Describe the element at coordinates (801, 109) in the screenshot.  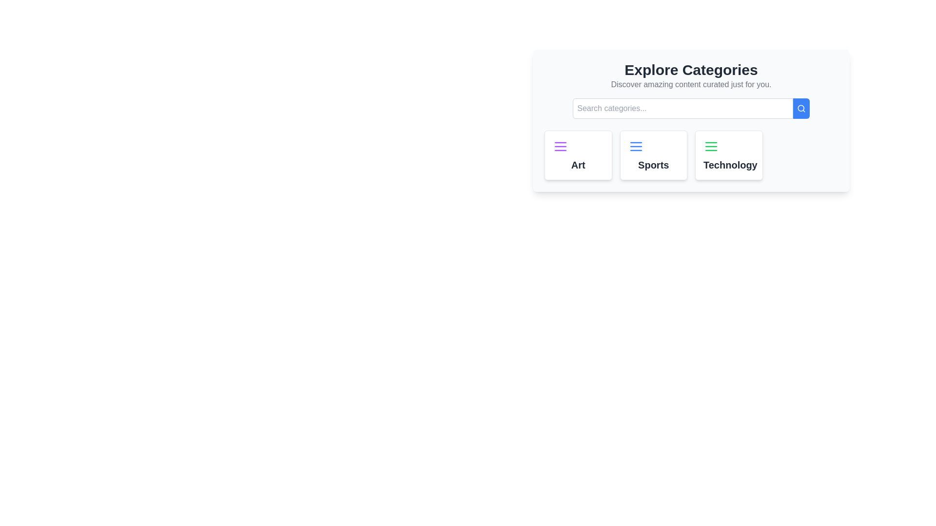
I see `the search button located at the far right of the horizontal search bar to initiate a search based on the input provided in the adjacent text field labeled 'Search categories...'` at that location.